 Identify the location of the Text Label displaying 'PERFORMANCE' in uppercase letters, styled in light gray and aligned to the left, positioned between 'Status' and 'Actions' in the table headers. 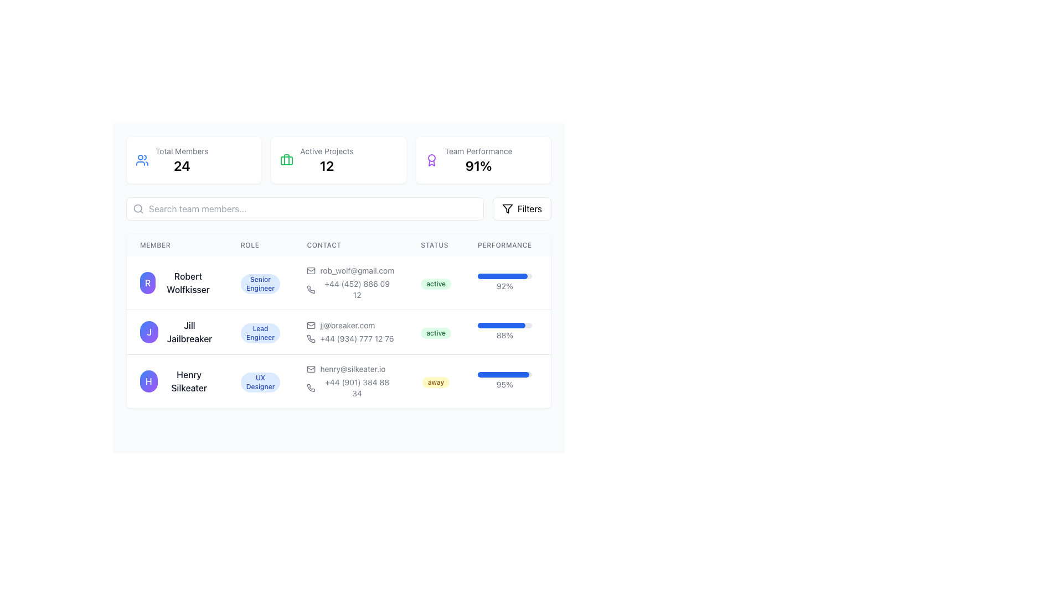
(504, 244).